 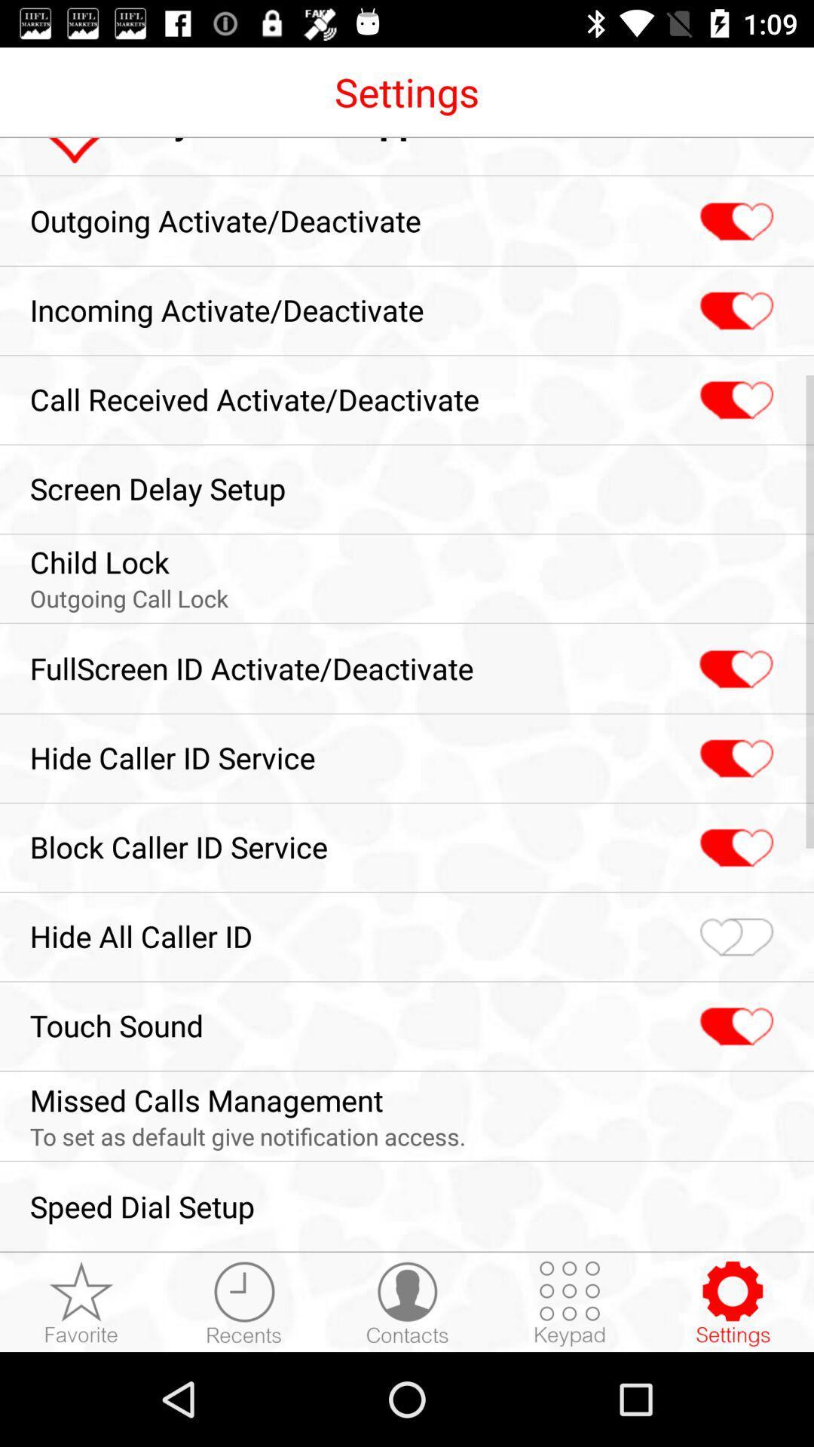 I want to click on the favorite icon, so click(x=734, y=400).